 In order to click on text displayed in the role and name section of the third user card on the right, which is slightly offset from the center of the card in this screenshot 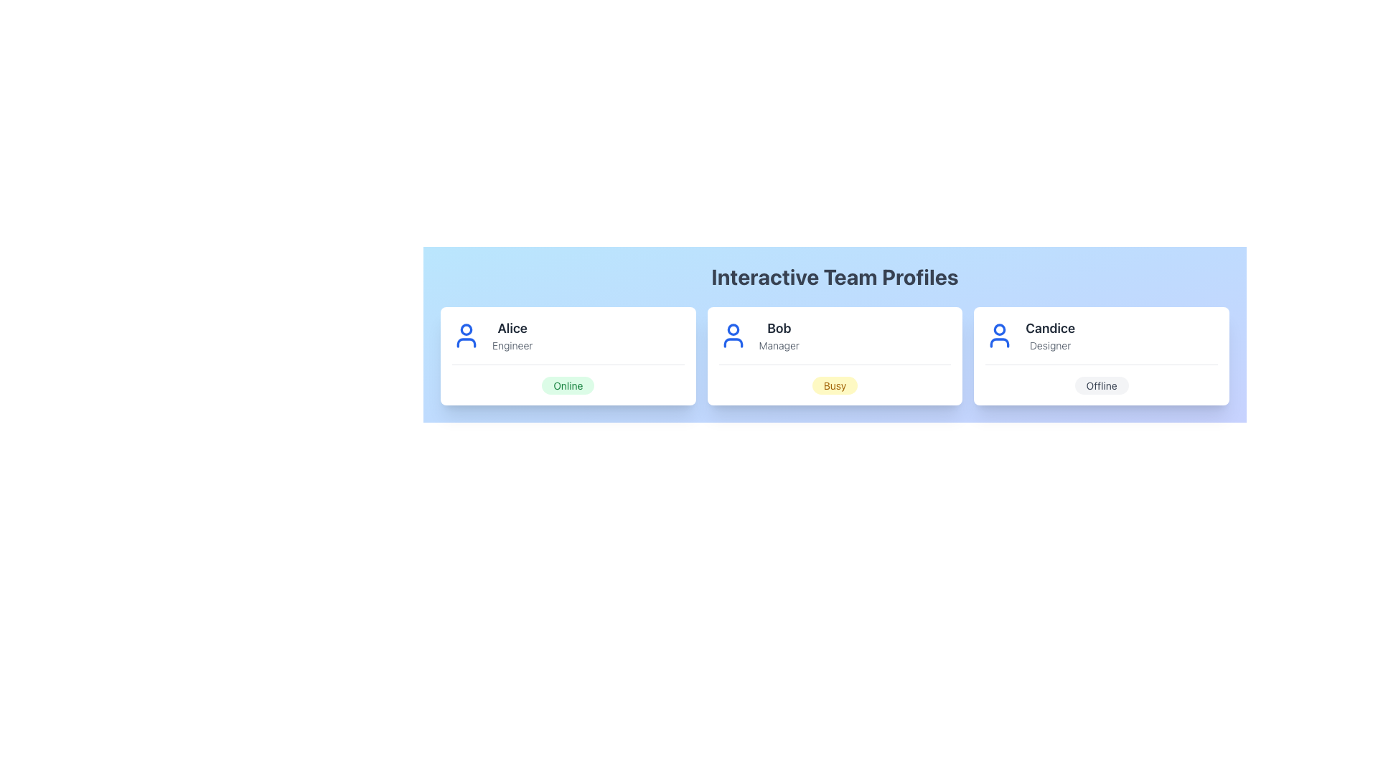, I will do `click(1050, 335)`.